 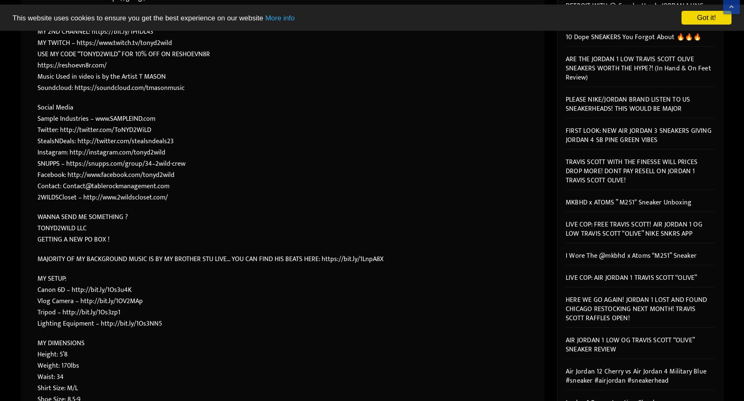 I want to click on 'MKBHD x ATOMS ” M251″ Sneaker Unboxing', so click(x=565, y=202).